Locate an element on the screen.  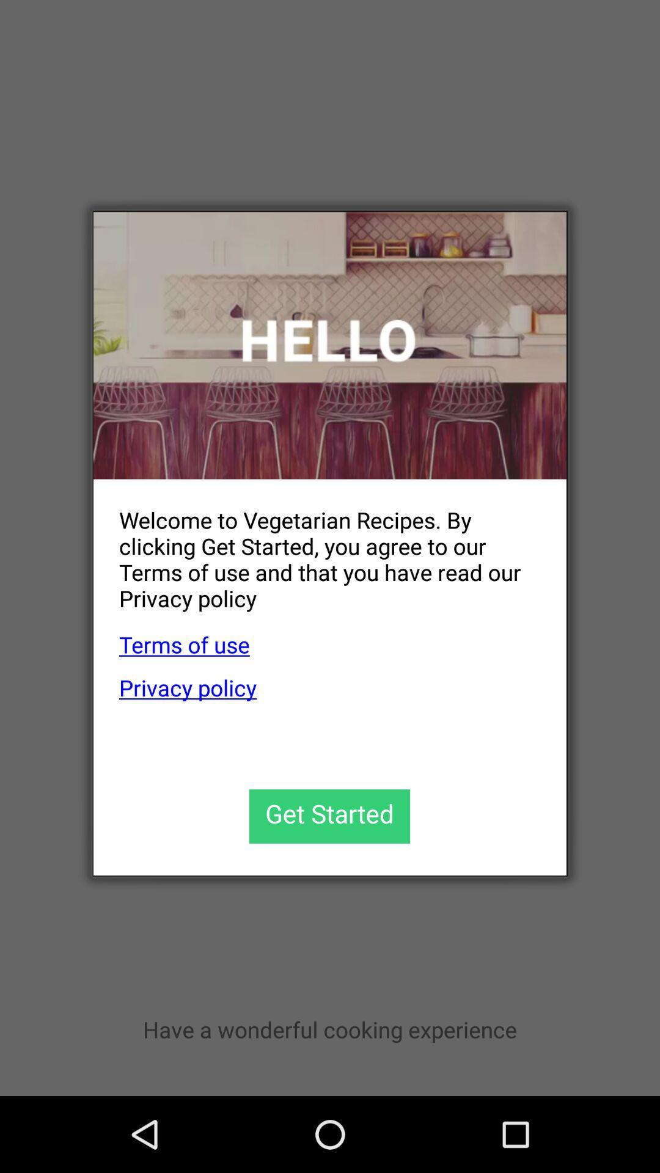
welcome to vegetarian icon is located at coordinates (317, 549).